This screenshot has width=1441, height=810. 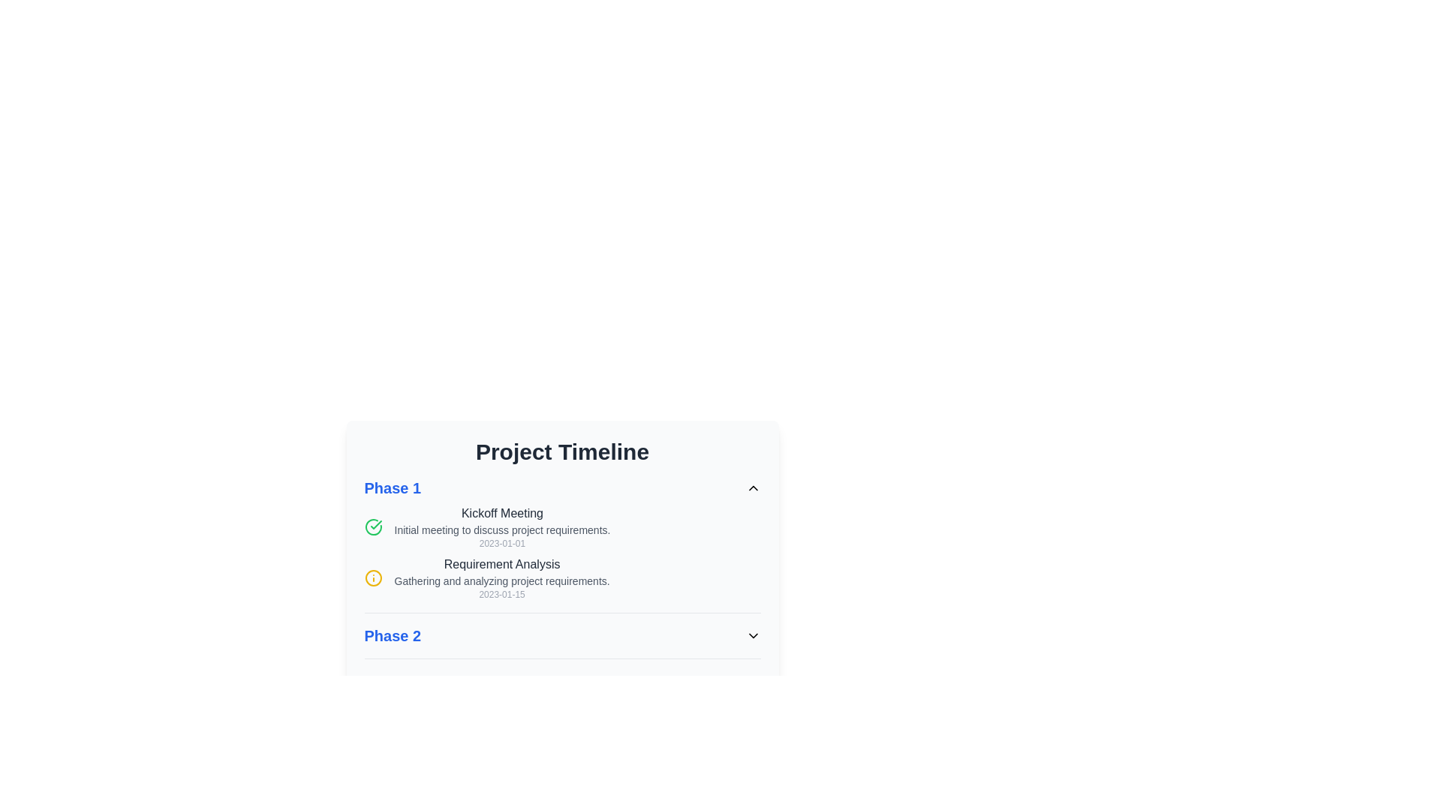 What do you see at coordinates (502, 594) in the screenshot?
I see `displayed date from the static text label showing '2023-01-15', which is located at the bottom of the 'Requirement Analysis' section in the timeline interface` at bounding box center [502, 594].